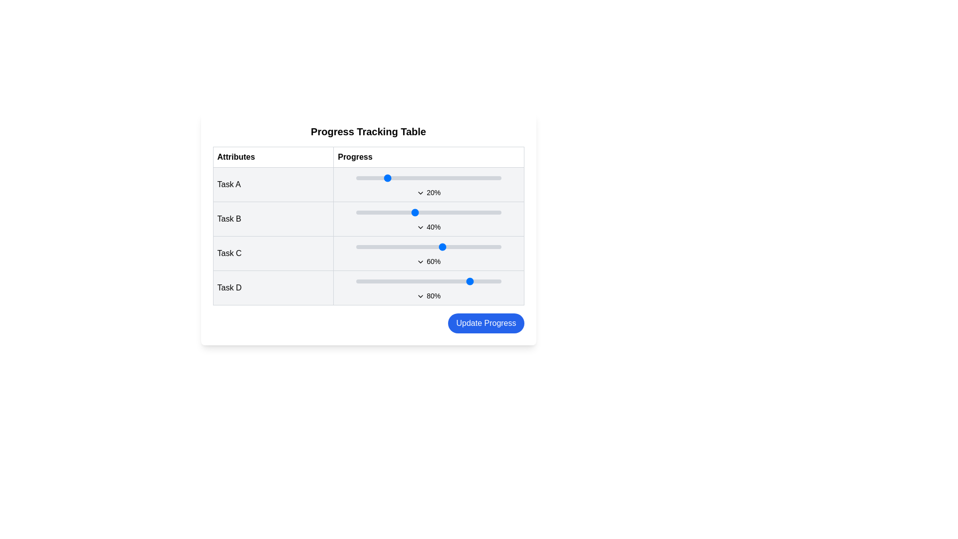 The width and height of the screenshot is (958, 539). Describe the element at coordinates (423, 178) in the screenshot. I see `progress value` at that location.